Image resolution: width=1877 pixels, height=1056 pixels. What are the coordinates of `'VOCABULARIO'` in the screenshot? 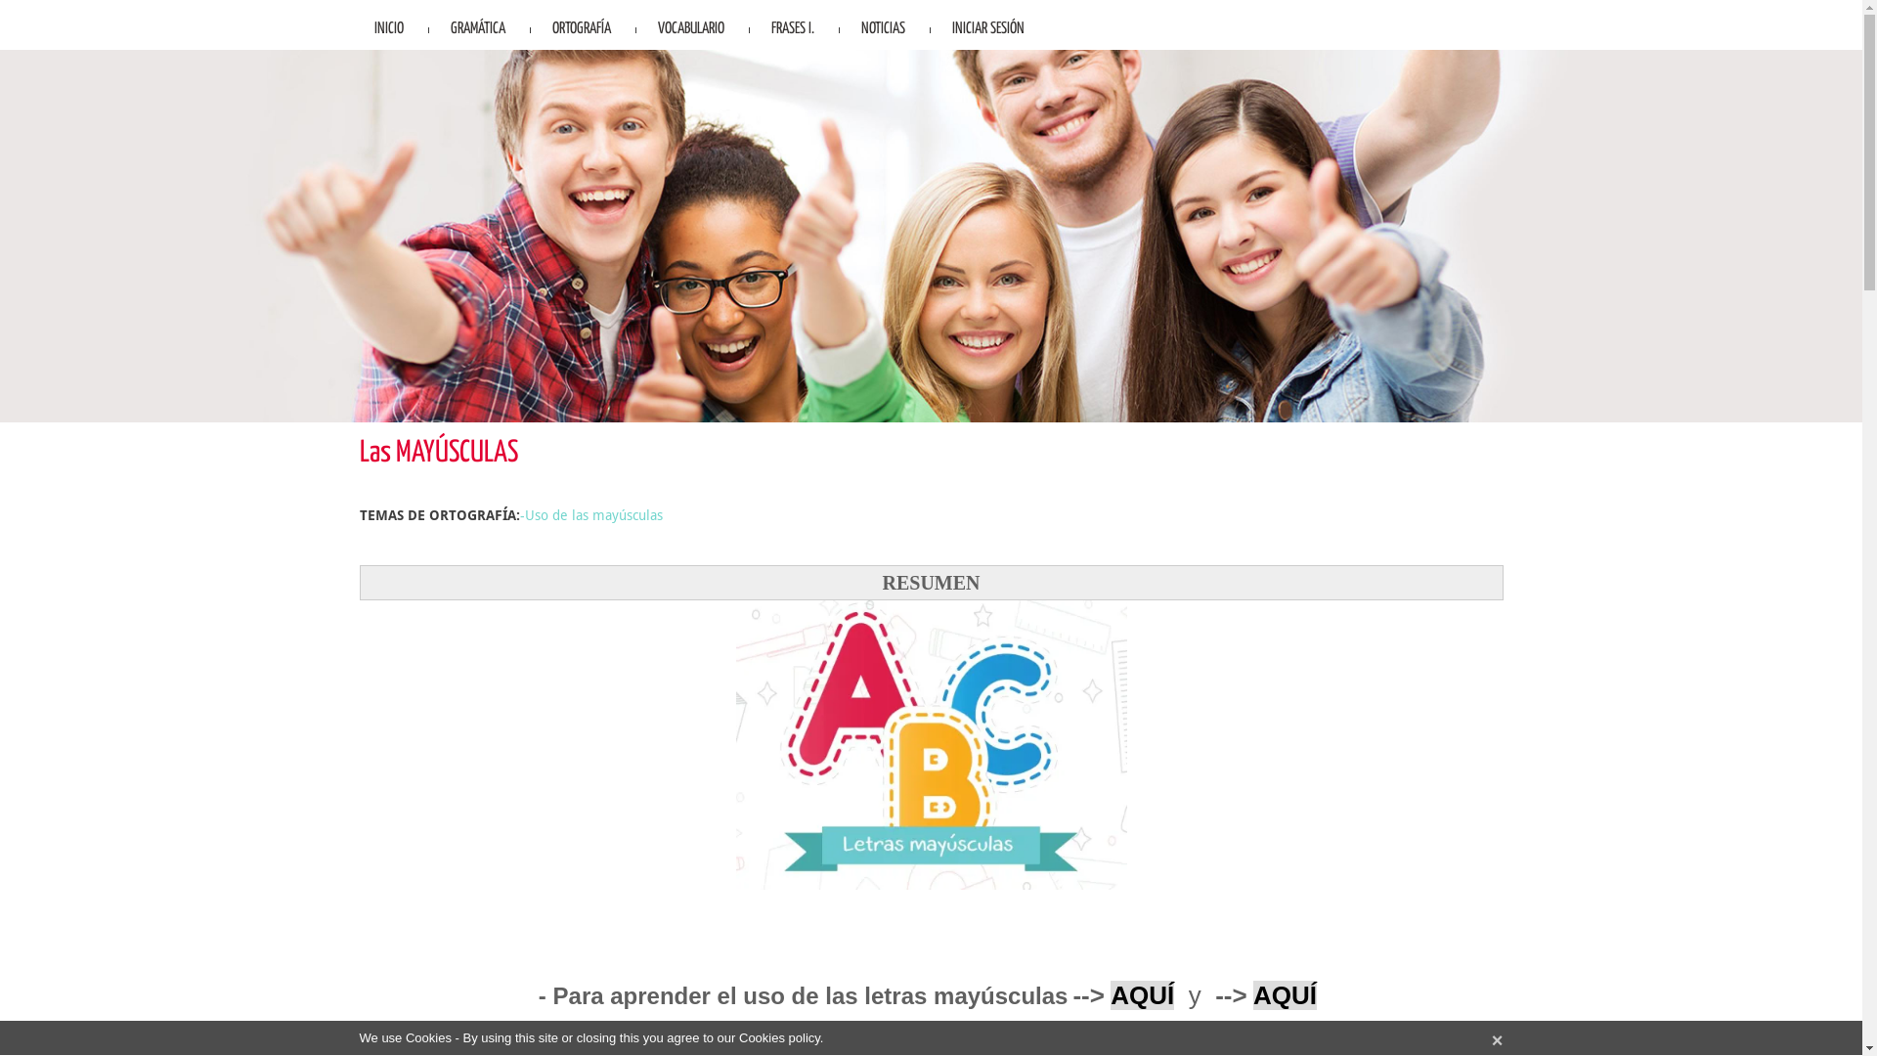 It's located at (690, 24).